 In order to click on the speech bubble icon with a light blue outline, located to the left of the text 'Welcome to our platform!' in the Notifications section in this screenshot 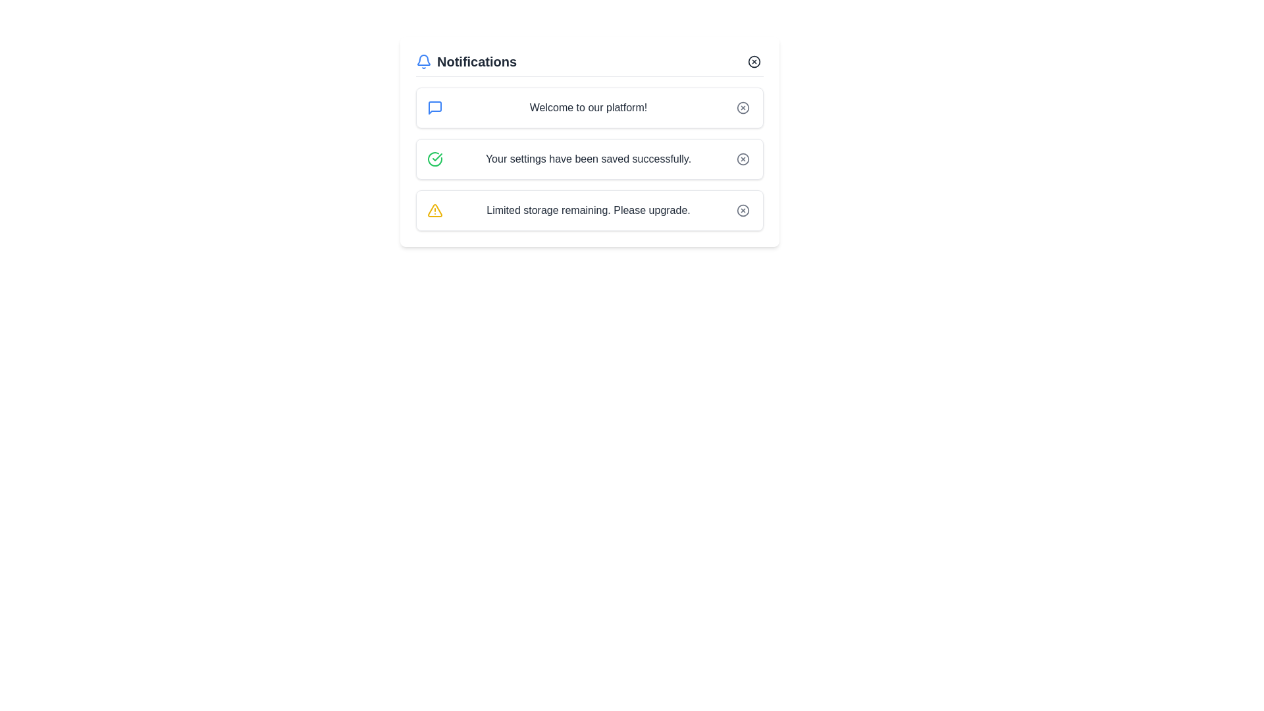, I will do `click(435, 107)`.